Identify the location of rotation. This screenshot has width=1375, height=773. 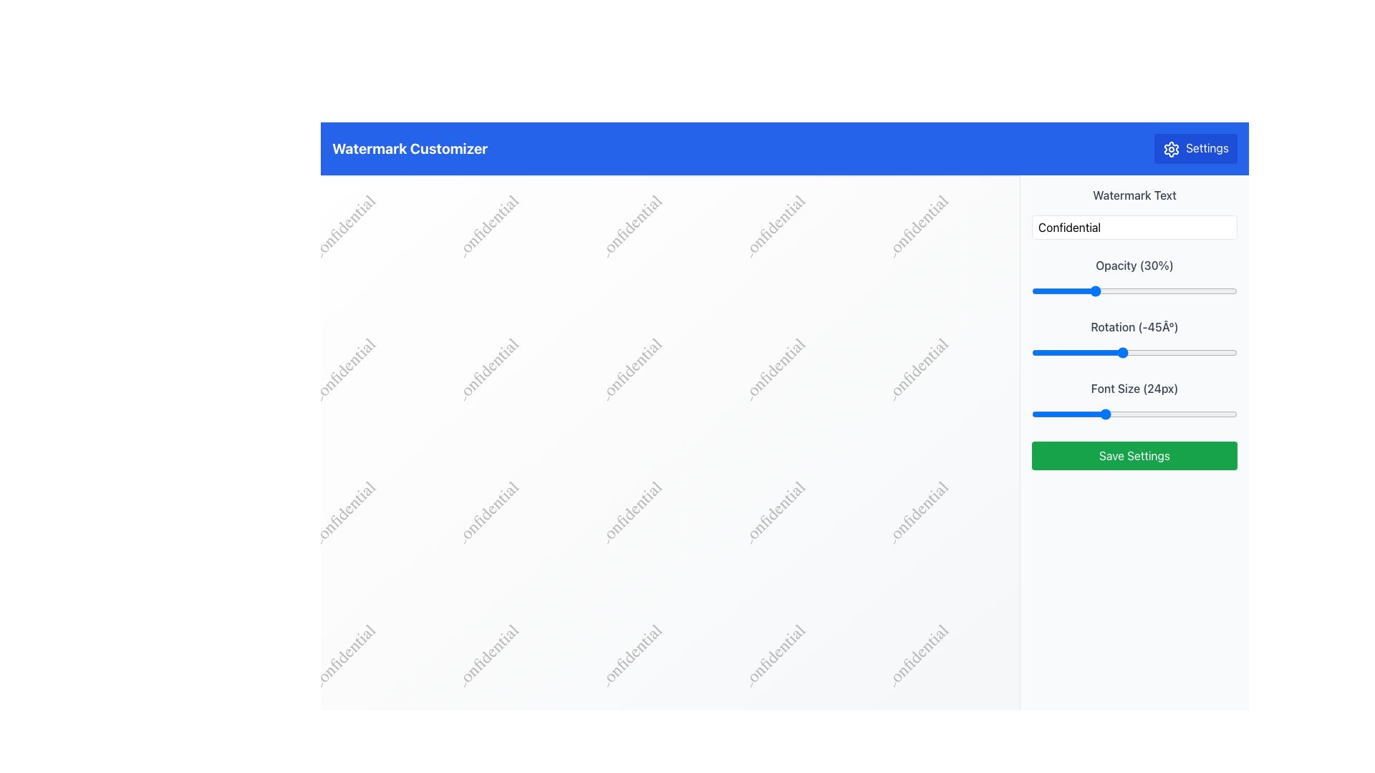
(1074, 352).